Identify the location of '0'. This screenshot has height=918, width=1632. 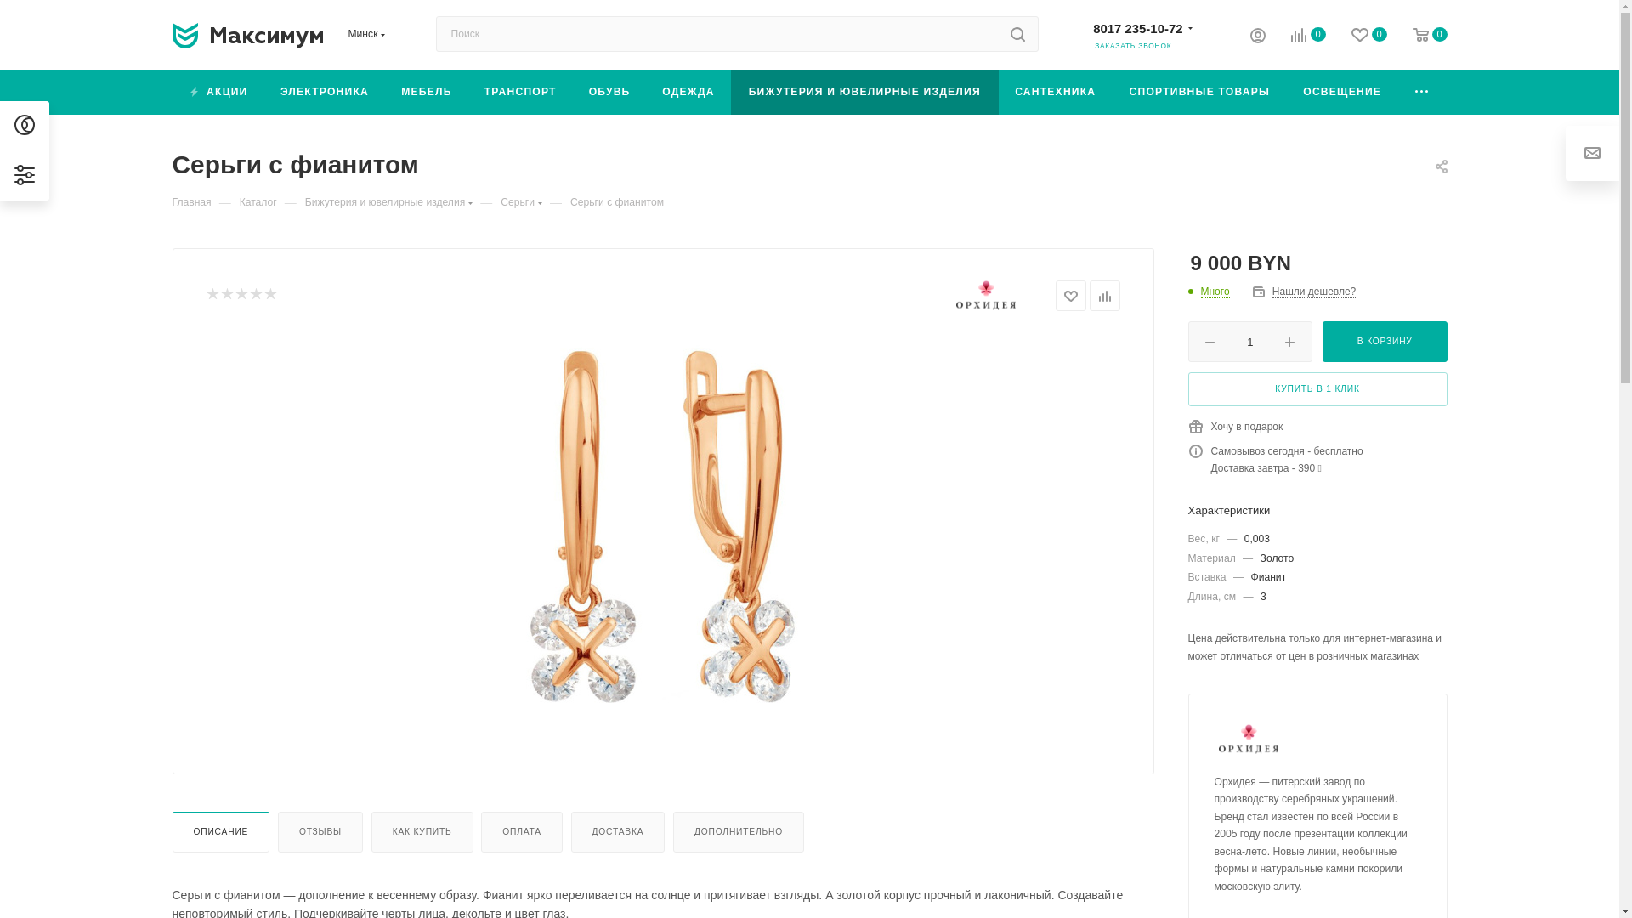
(1356, 36).